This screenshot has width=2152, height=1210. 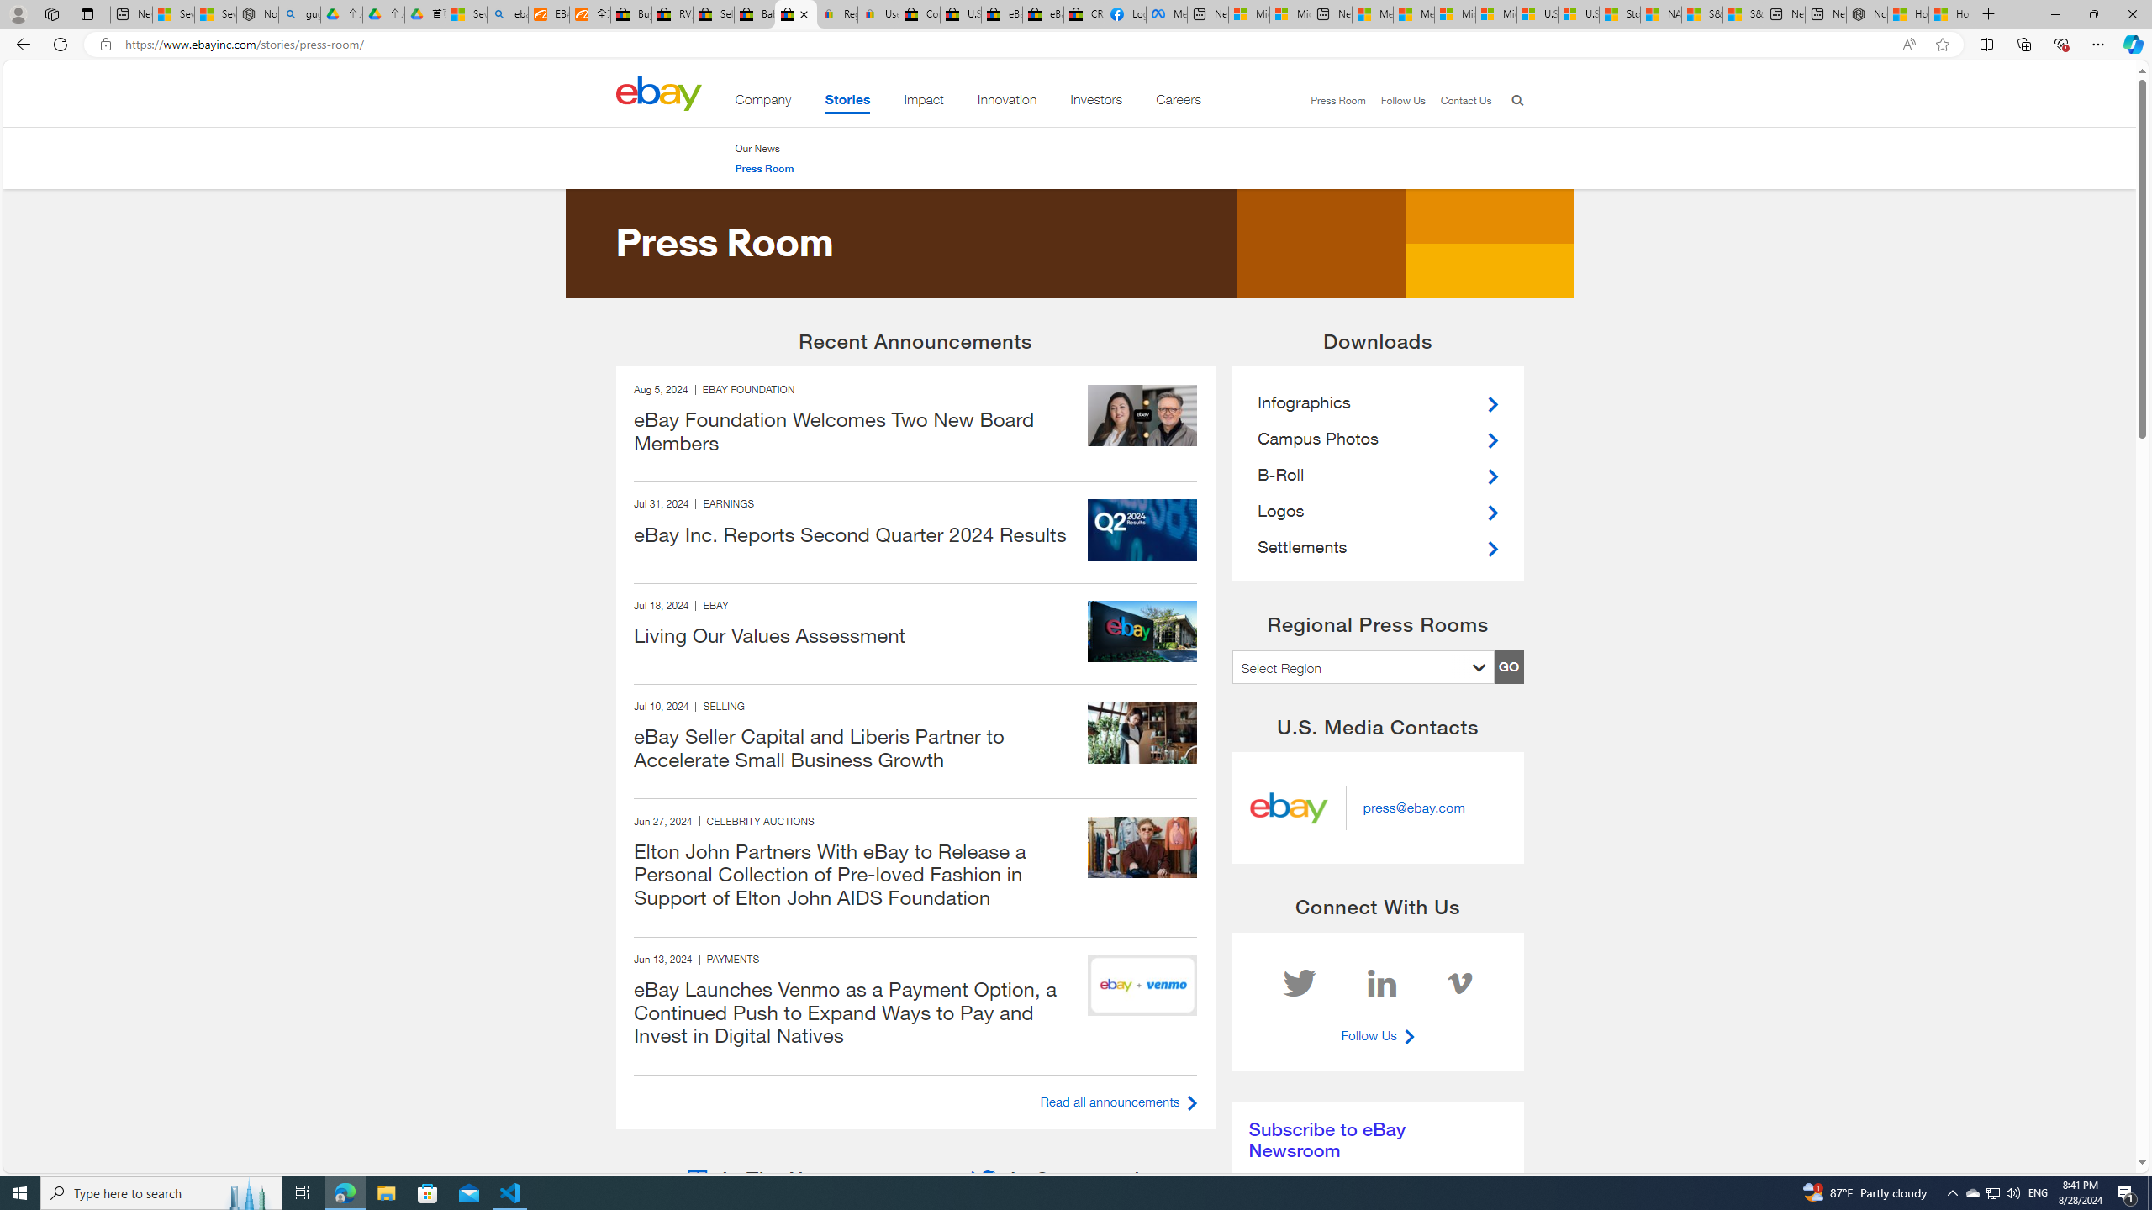 What do you see at coordinates (657, 93) in the screenshot?
I see `'Class: desktop'` at bounding box center [657, 93].